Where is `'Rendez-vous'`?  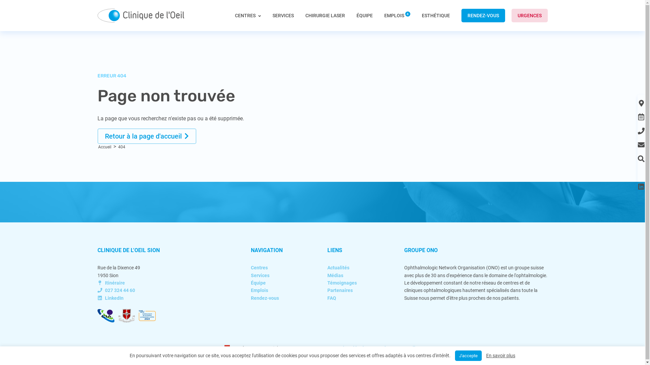 'Rendez-vous' is located at coordinates (250, 298).